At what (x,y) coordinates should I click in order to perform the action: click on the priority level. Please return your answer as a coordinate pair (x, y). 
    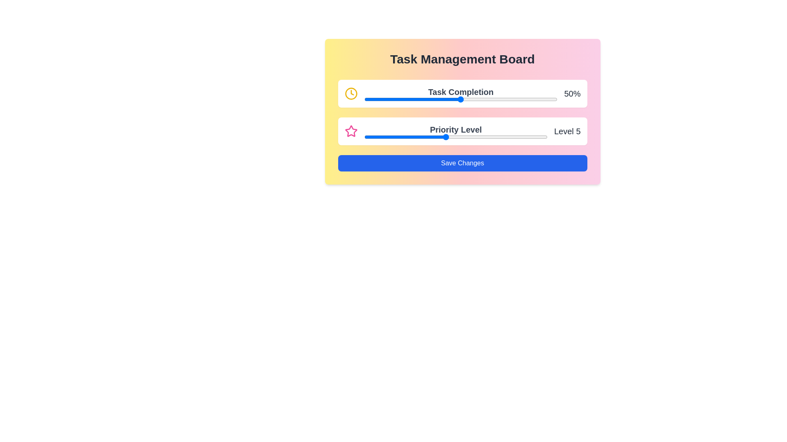
    Looking at the image, I should click on (486, 137).